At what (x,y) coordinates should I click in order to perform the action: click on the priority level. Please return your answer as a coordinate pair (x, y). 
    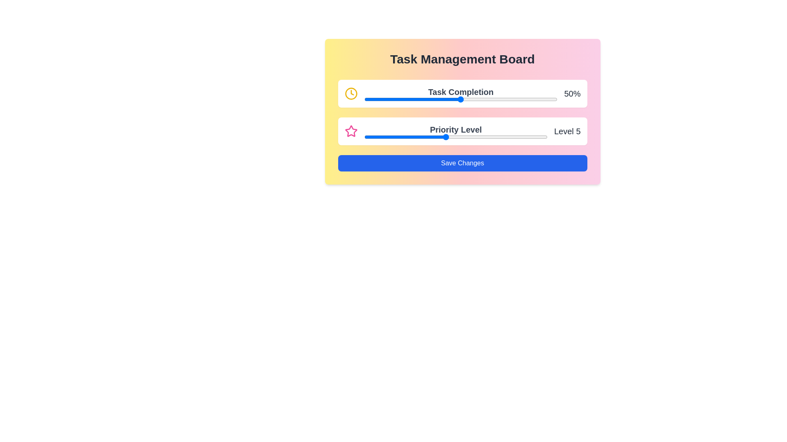
    Looking at the image, I should click on (486, 137).